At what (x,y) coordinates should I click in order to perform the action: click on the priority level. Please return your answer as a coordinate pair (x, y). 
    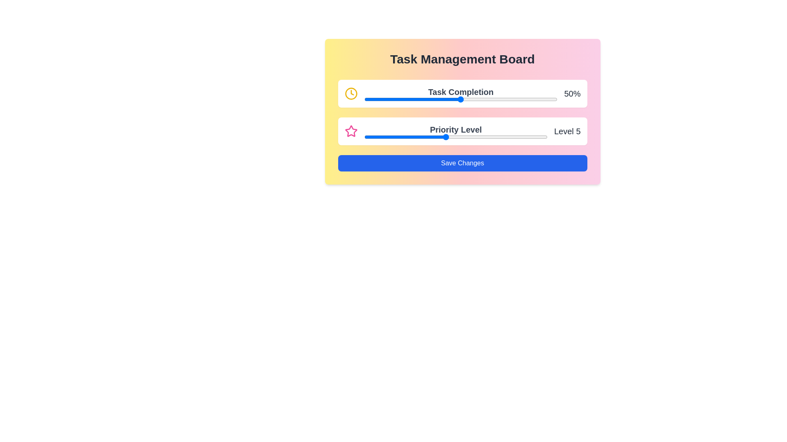
    Looking at the image, I should click on (486, 137).